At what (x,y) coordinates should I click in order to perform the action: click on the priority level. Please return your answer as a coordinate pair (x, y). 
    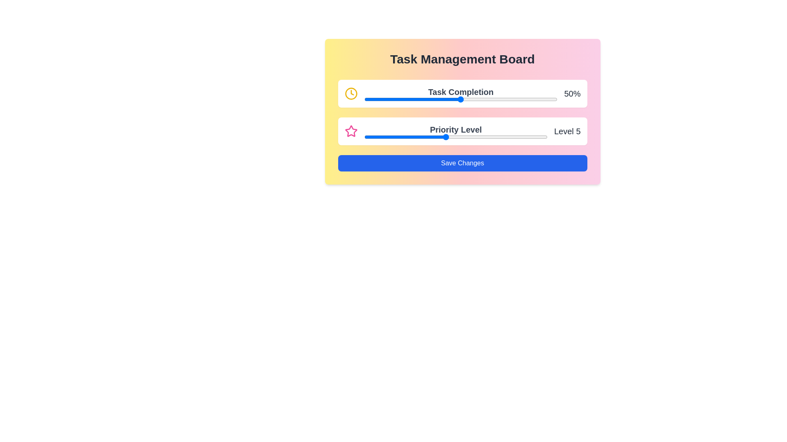
    Looking at the image, I should click on (486, 137).